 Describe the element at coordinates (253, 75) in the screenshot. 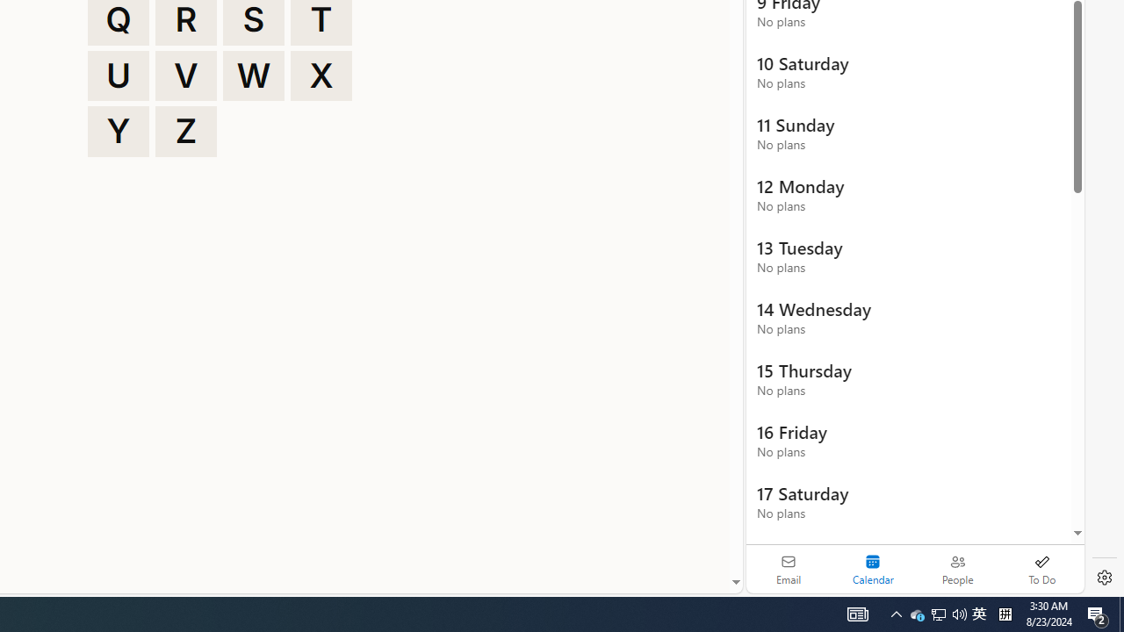

I see `'W'` at that location.